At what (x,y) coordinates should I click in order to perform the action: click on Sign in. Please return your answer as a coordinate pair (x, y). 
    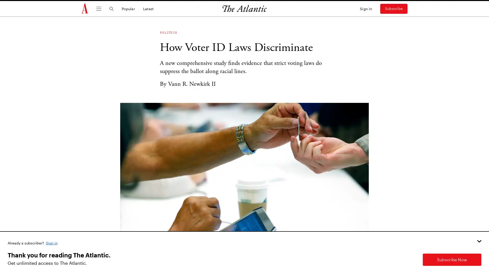
    Looking at the image, I should click on (52, 242).